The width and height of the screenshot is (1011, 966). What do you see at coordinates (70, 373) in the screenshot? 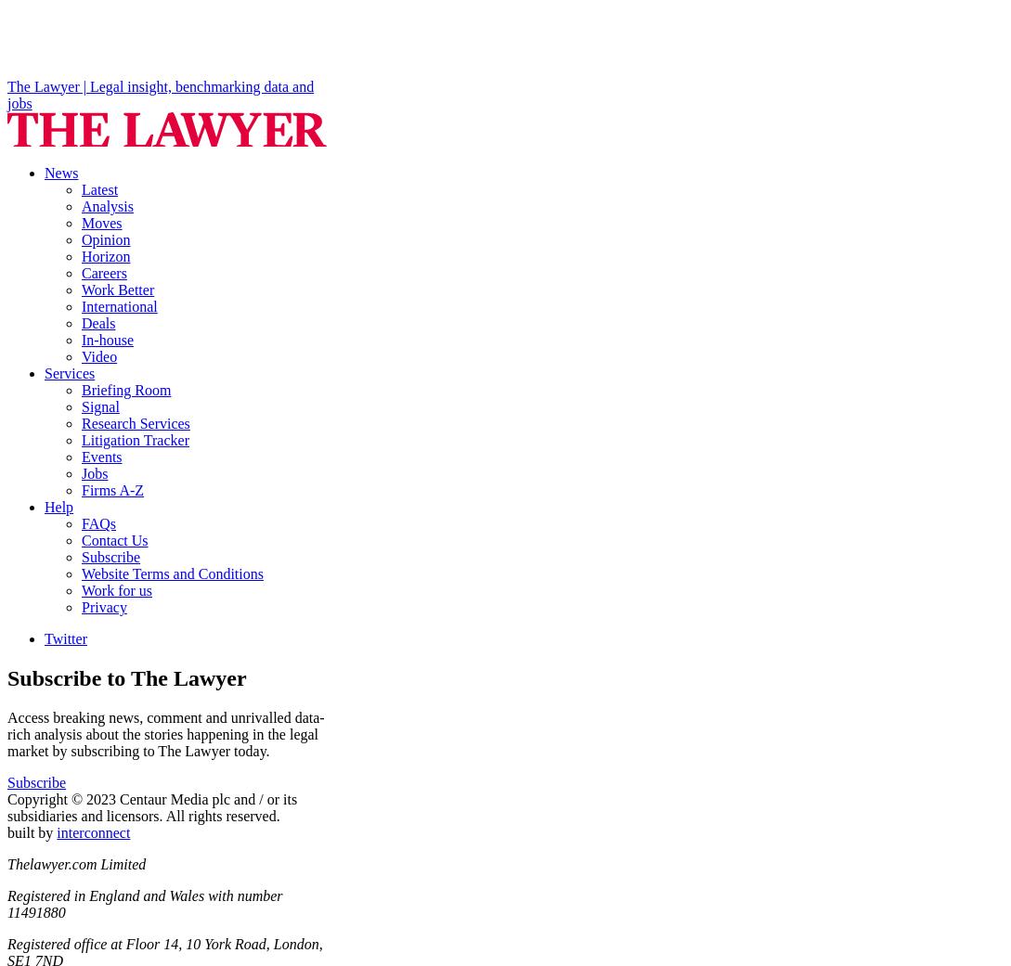
I see `'Services'` at bounding box center [70, 373].